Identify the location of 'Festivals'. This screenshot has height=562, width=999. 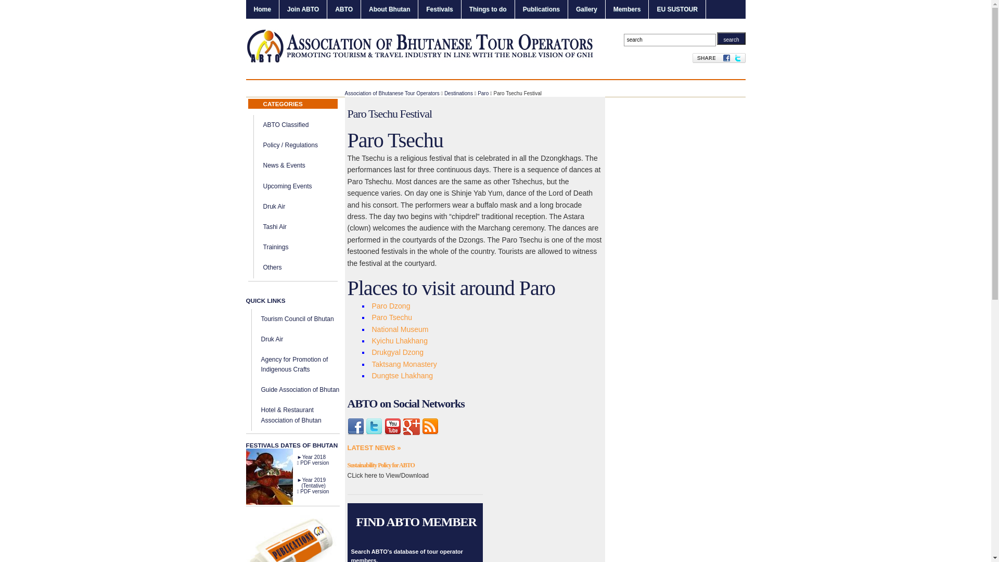
(439, 9).